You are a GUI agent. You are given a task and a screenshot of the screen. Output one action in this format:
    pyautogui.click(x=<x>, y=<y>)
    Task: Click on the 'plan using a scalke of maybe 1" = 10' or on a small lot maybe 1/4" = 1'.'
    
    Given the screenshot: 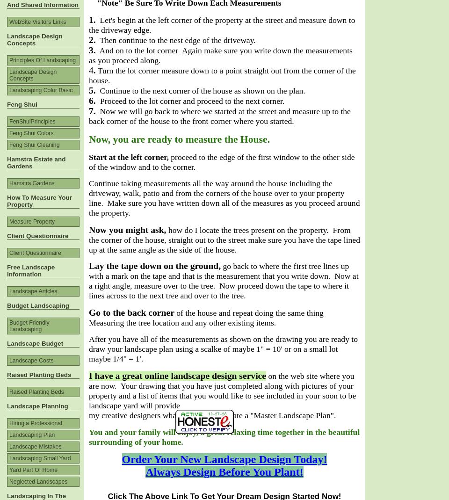 What is the action you would take?
    pyautogui.click(x=88, y=353)
    